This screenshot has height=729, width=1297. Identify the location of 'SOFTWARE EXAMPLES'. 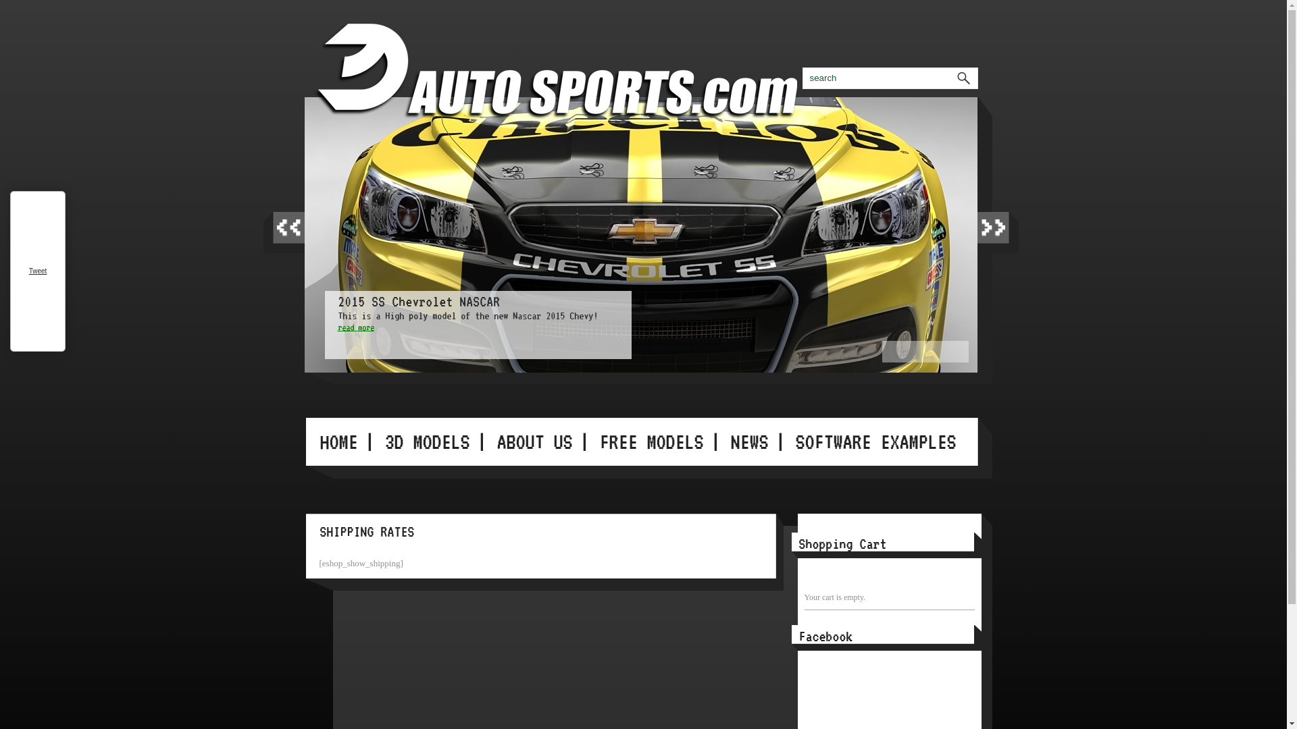
(875, 441).